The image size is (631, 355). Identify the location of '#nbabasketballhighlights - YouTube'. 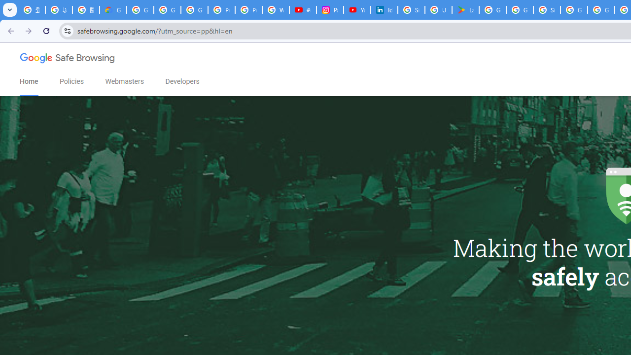
(303, 10).